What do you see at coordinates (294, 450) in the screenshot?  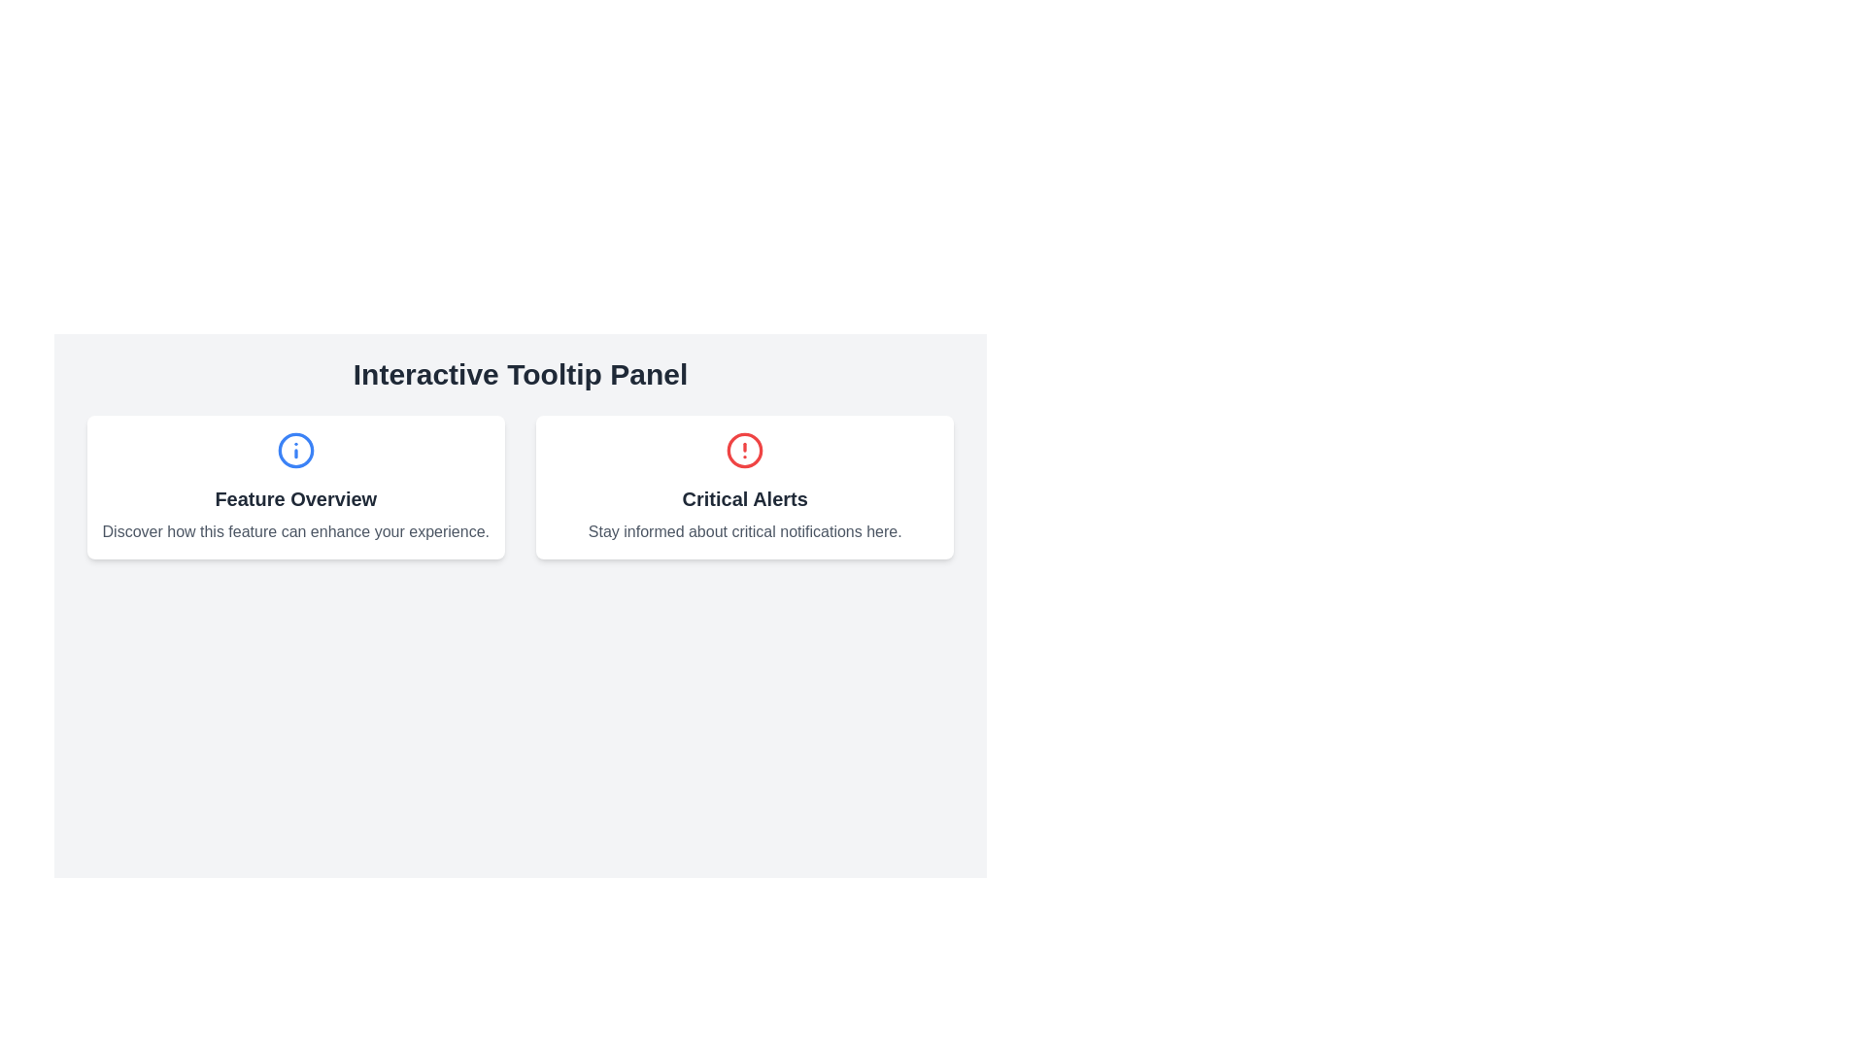 I see `the decorative graphic (SVG circle) that serves as a subcomponent of the informational icon positioned above the 'Feature Overview' text in the left card of the interface's two-card layout` at bounding box center [294, 450].